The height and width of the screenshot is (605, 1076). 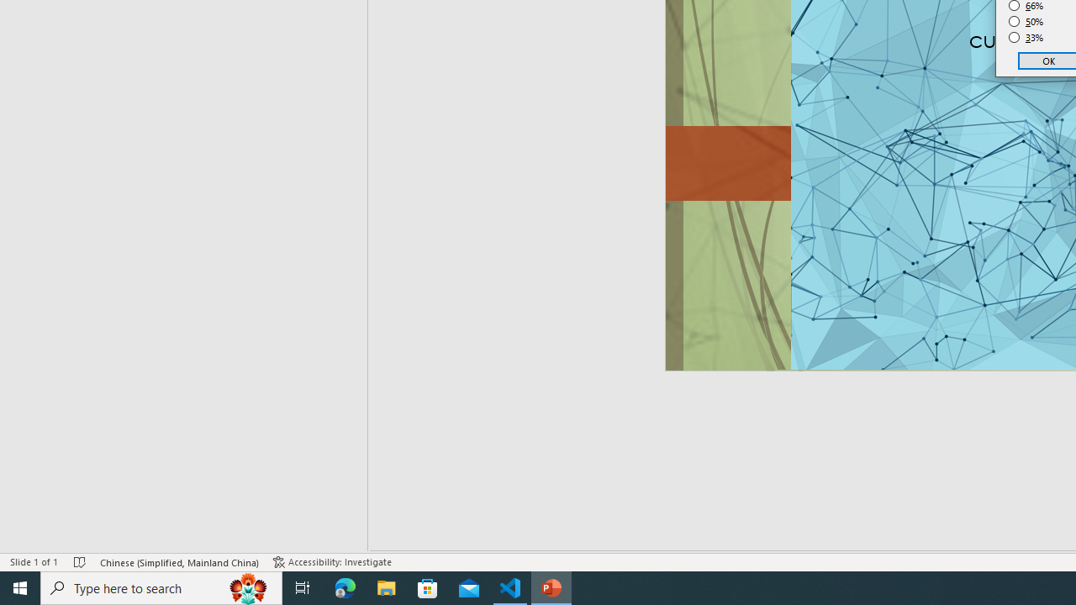 I want to click on '33%', so click(x=1026, y=38).